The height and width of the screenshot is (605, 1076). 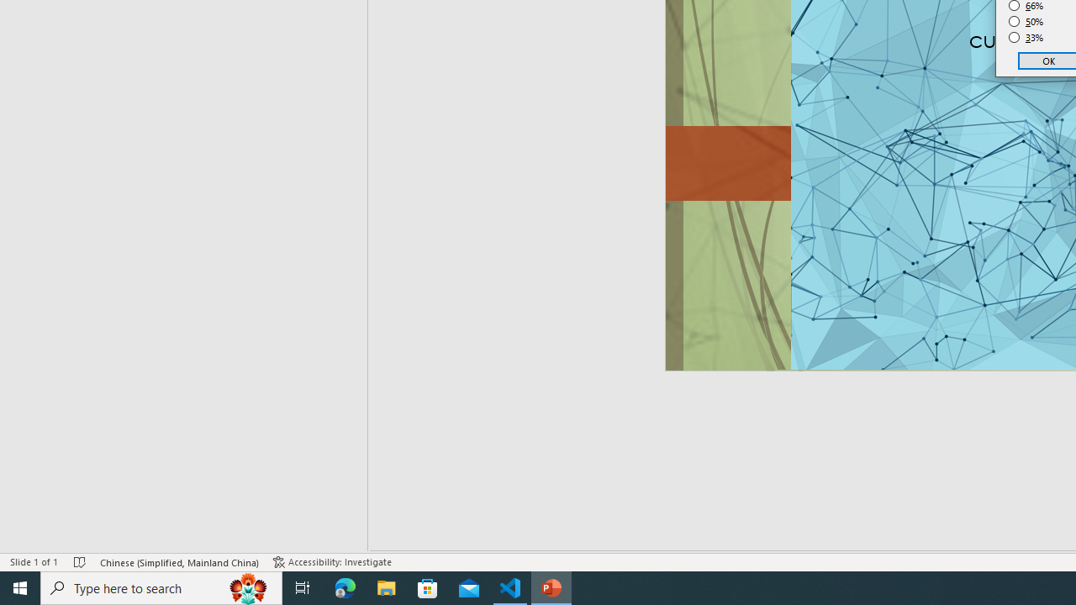 I want to click on '33%', so click(x=1026, y=38).